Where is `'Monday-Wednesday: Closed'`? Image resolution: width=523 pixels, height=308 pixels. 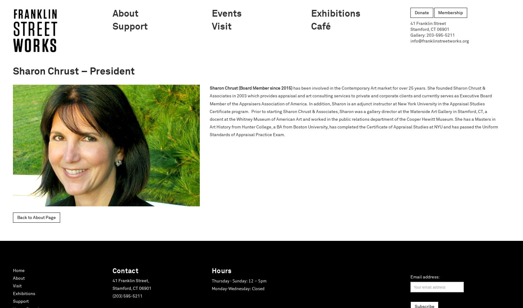 'Monday-Wednesday: Closed' is located at coordinates (238, 288).